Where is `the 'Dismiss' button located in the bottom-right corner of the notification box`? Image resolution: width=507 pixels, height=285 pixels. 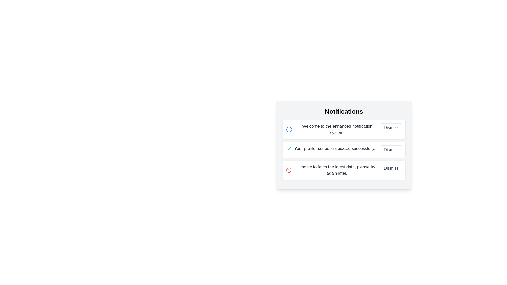 the 'Dismiss' button located in the bottom-right corner of the notification box is located at coordinates (391, 168).